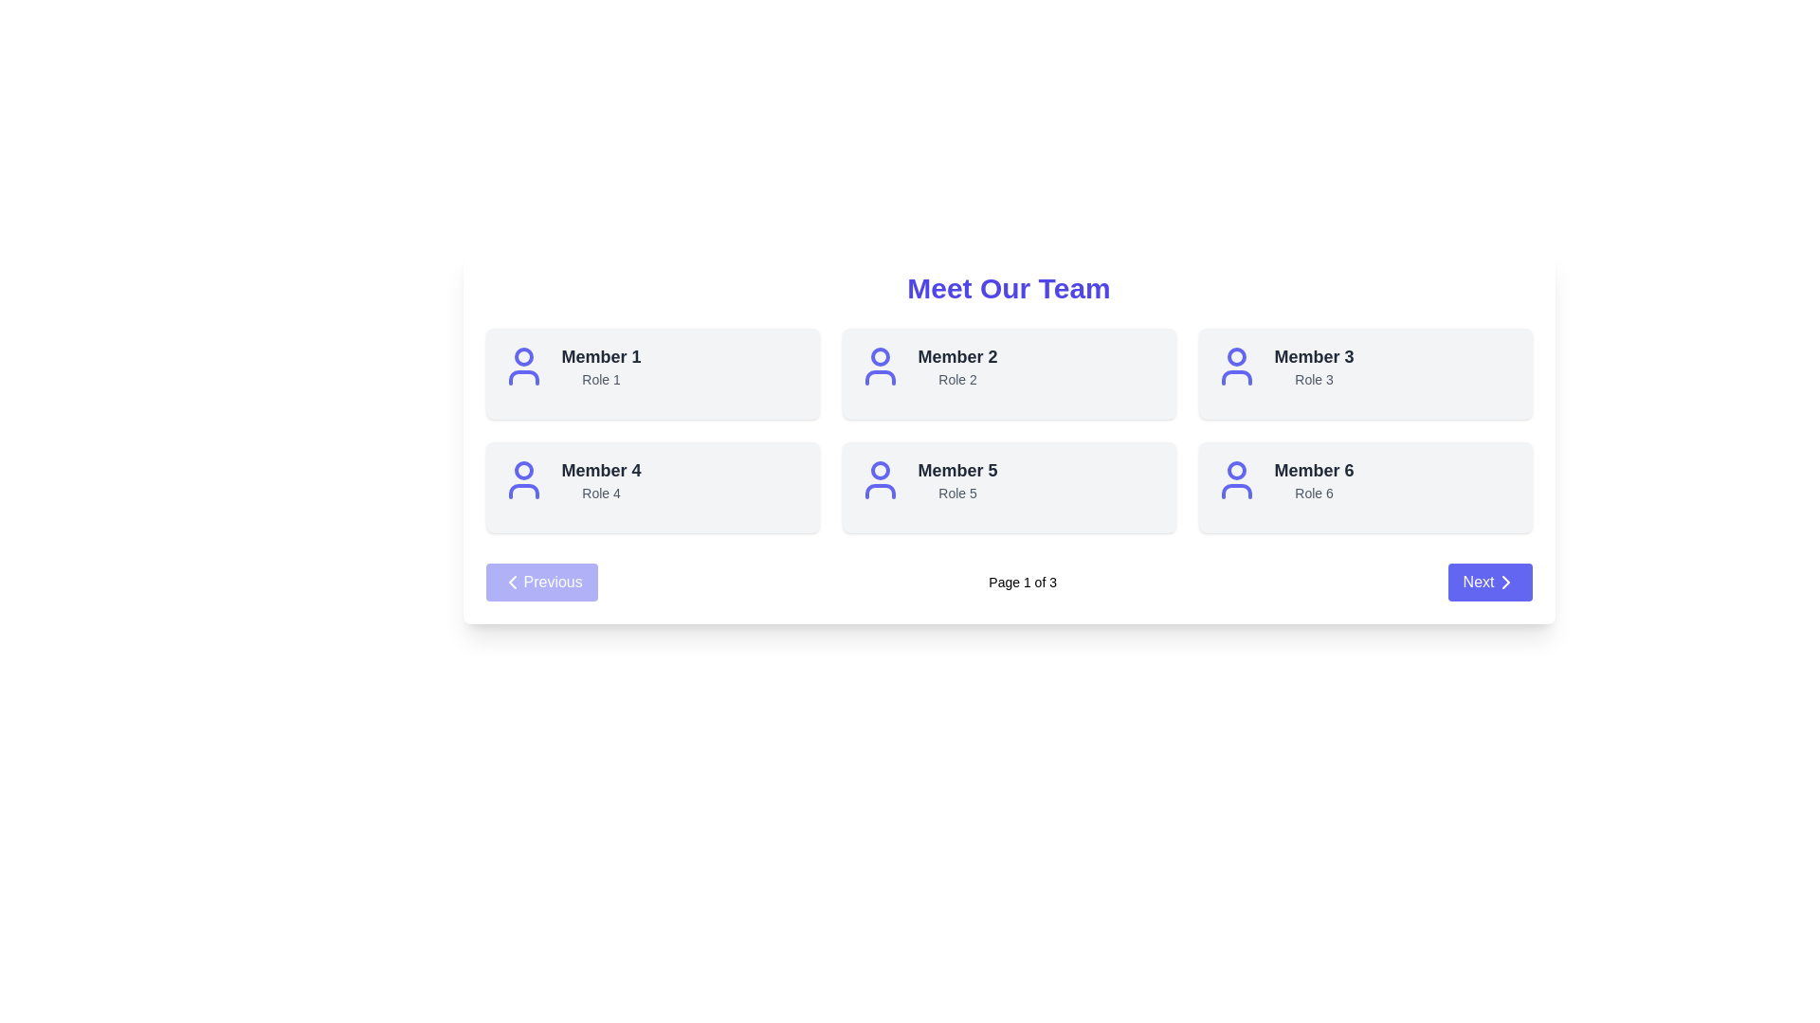  What do you see at coordinates (1008, 373) in the screenshot?
I see `the second team member card in the top row of the grid layout` at bounding box center [1008, 373].